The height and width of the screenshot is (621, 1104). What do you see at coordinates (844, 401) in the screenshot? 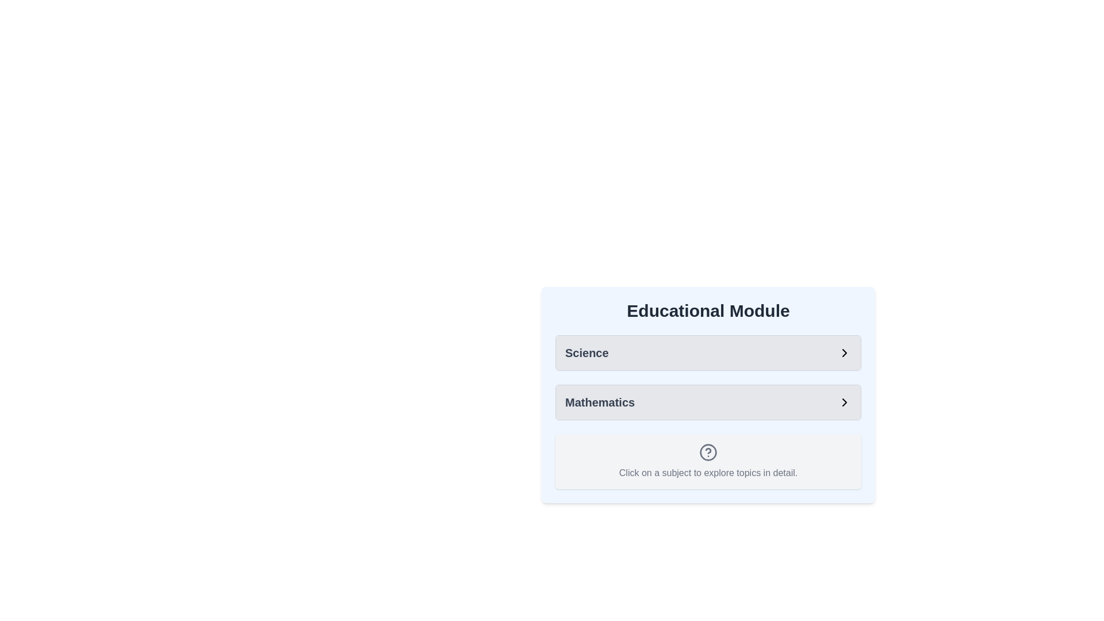
I see `the Chevron Arrow icon located on the far right side of the 'Mathematics' section, which serves as a trigger for navigation or expansion` at bounding box center [844, 401].